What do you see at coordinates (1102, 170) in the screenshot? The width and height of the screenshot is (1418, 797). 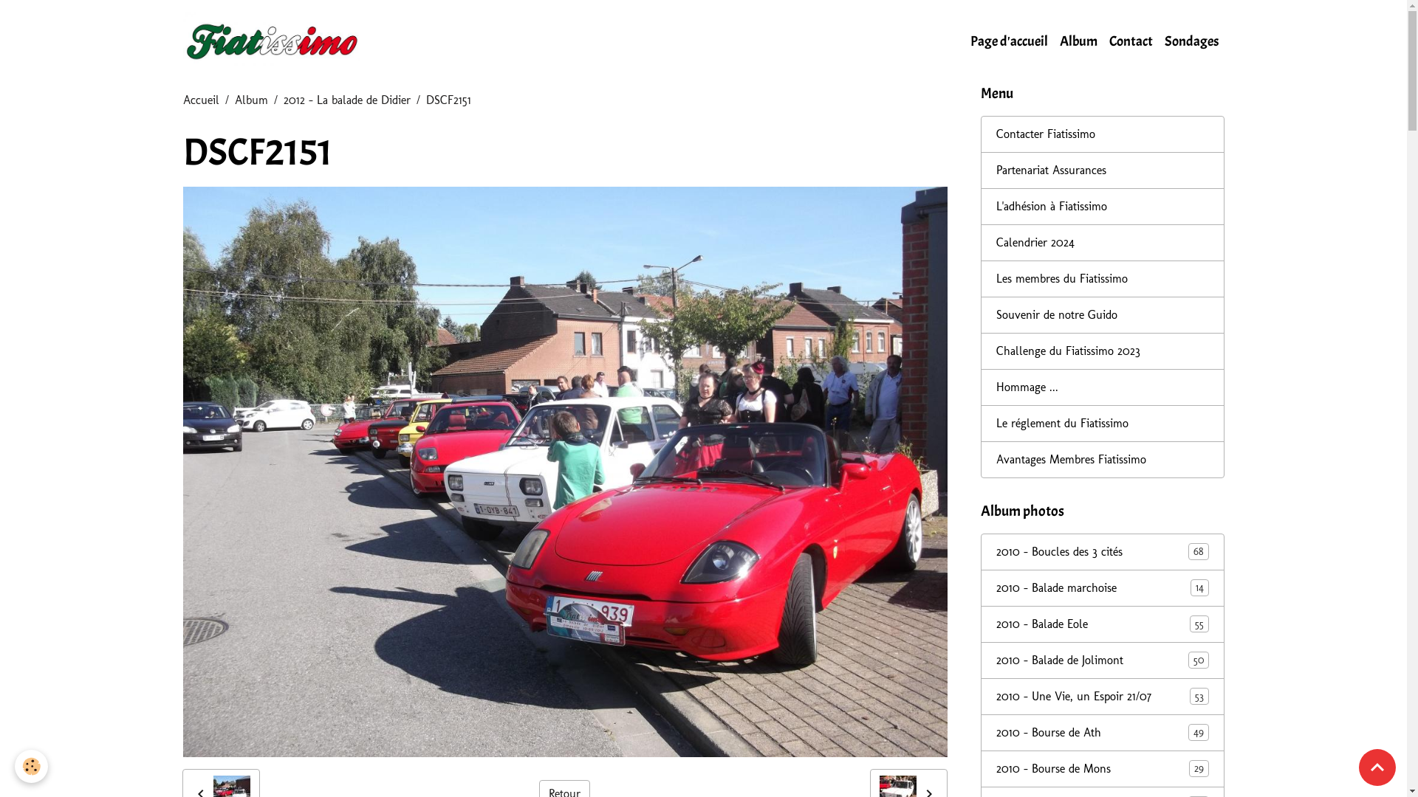 I see `'Partenariat Assurances'` at bounding box center [1102, 170].